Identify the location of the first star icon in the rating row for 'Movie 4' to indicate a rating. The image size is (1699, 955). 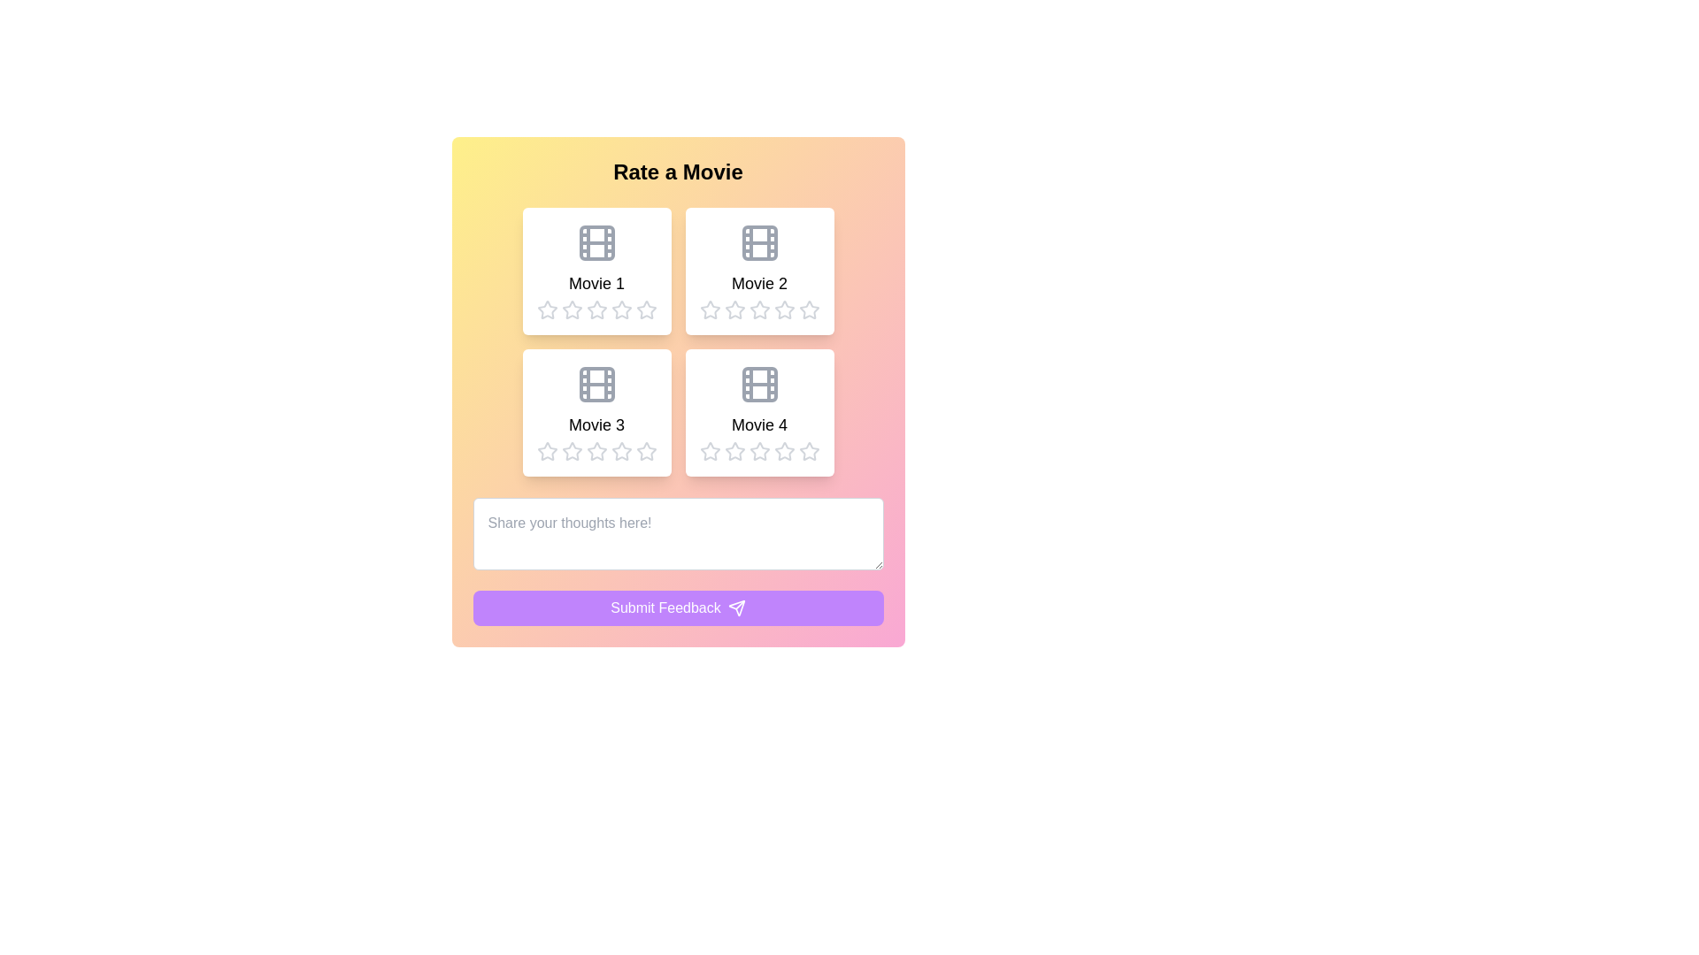
(710, 450).